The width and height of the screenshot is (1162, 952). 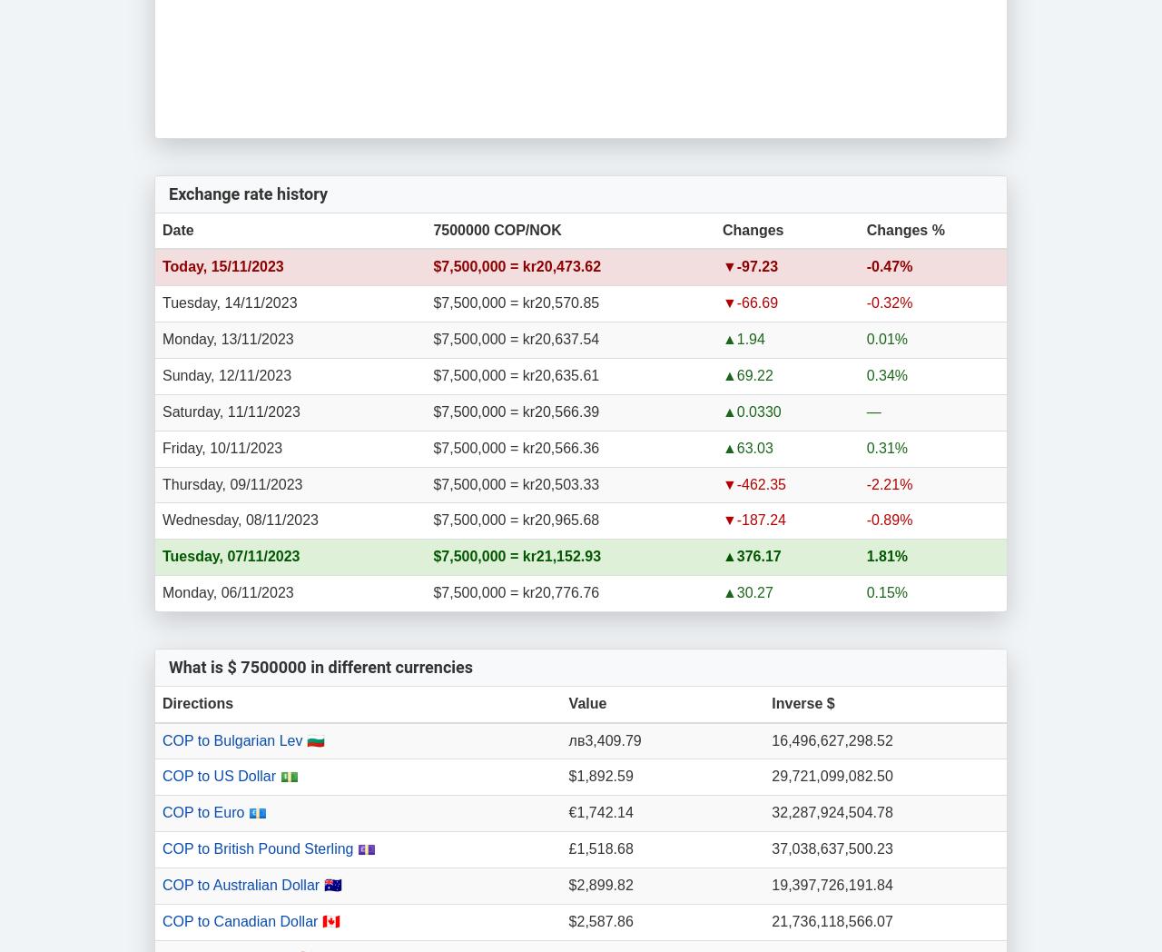 What do you see at coordinates (515, 302) in the screenshot?
I see `'$7,500,000 = kr20,570.85'` at bounding box center [515, 302].